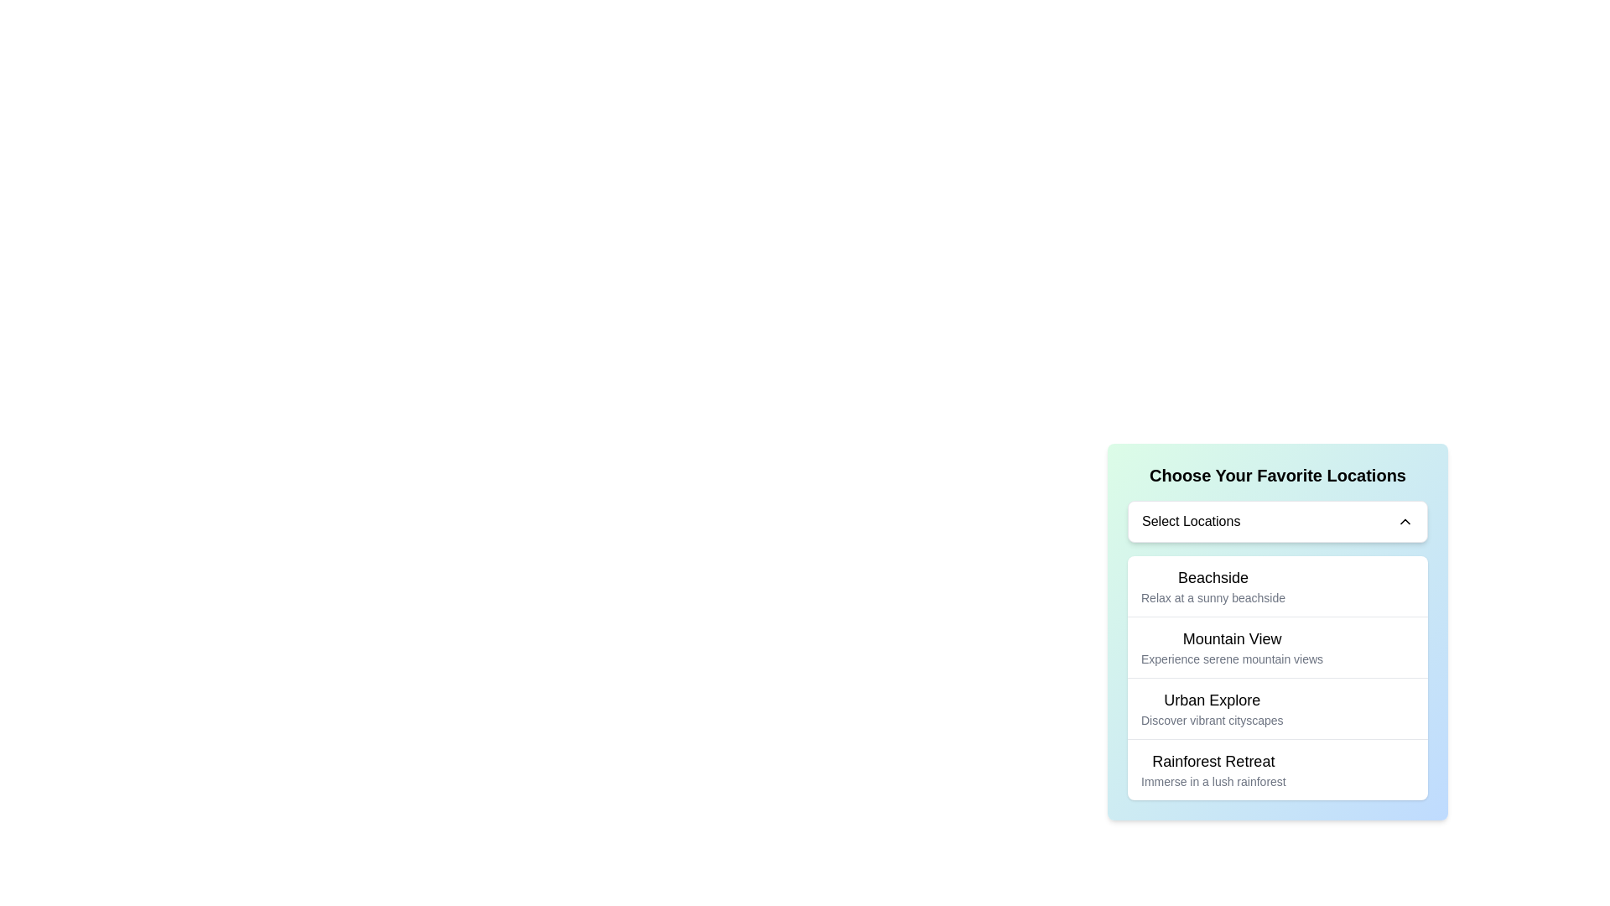 The height and width of the screenshot is (906, 1610). Describe the element at coordinates (1405, 520) in the screenshot. I see `the upward-pointing chevron icon in the 'Select Locations' section` at that location.